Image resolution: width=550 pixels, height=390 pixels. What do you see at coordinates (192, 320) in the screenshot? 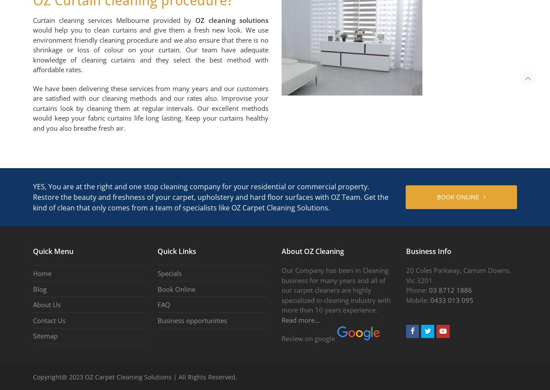
I see `'Business opportunities'` at bounding box center [192, 320].